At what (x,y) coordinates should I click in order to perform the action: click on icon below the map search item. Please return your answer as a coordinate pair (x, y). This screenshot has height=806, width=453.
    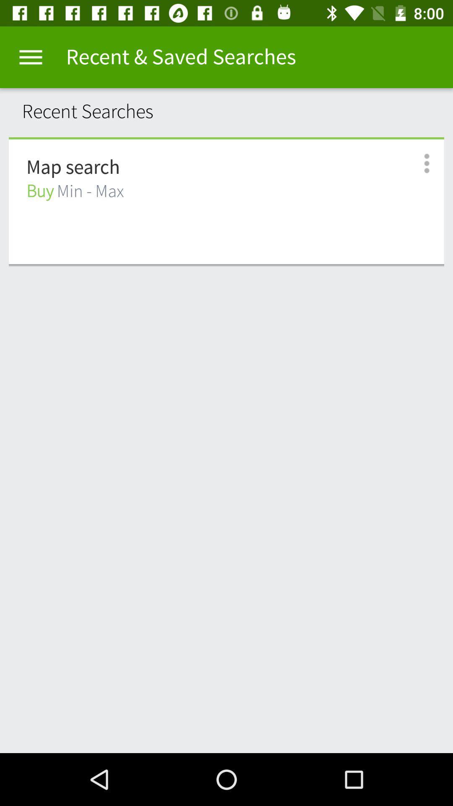
    Looking at the image, I should click on (75, 191).